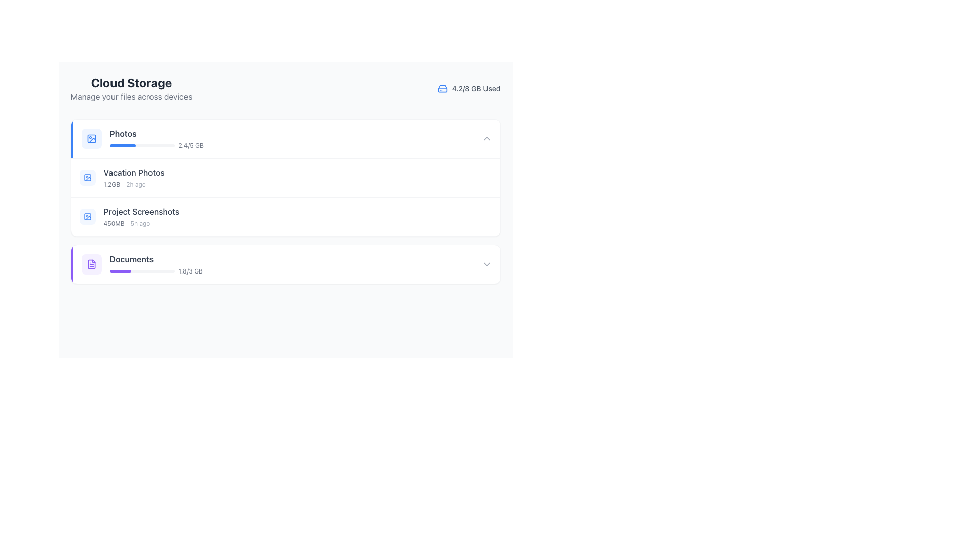 This screenshot has width=973, height=547. Describe the element at coordinates (466, 177) in the screenshot. I see `the share button located in the 'Vacation Photos' row, positioned on the right side near its center` at that location.